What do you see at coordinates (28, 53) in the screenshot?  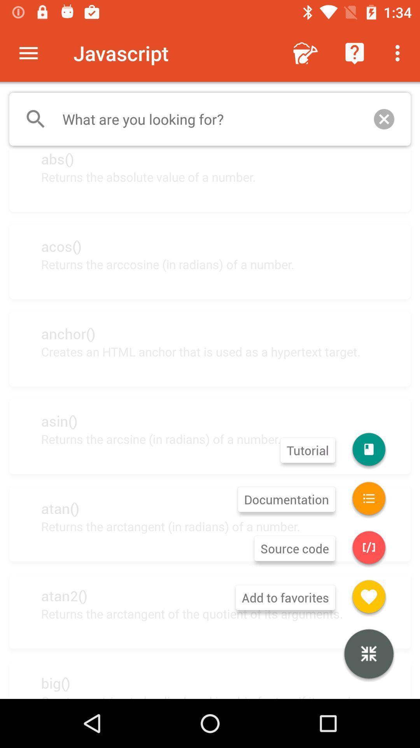 I see `the app to the left of the javascript item` at bounding box center [28, 53].